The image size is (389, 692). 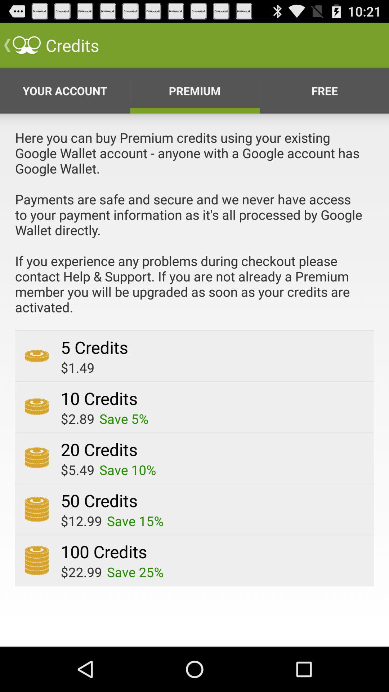 What do you see at coordinates (104, 551) in the screenshot?
I see `the 100 credits icon` at bounding box center [104, 551].